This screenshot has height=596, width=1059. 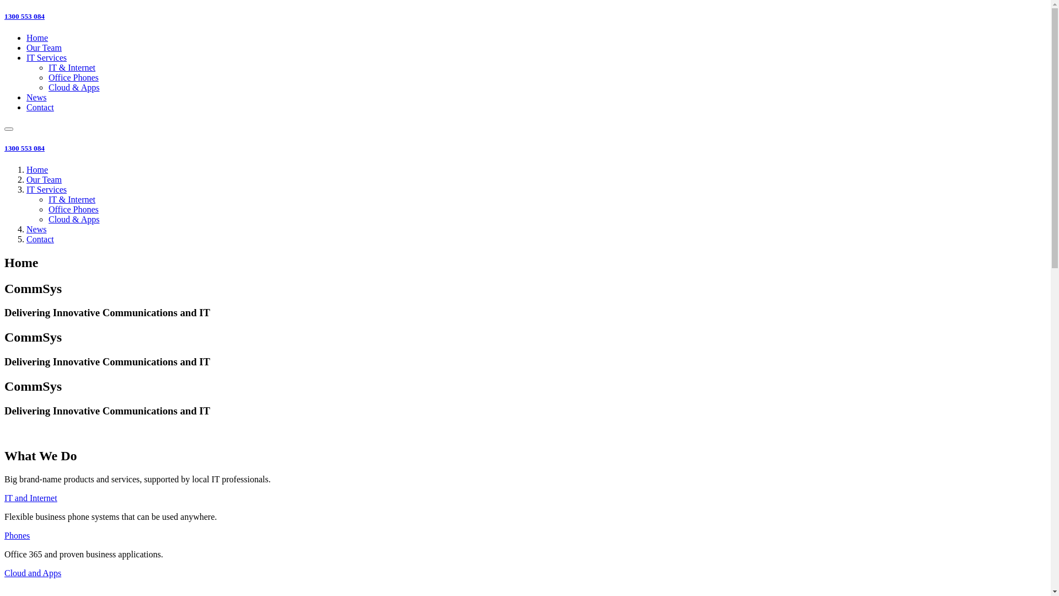 I want to click on 'Phones', so click(x=17, y=535).